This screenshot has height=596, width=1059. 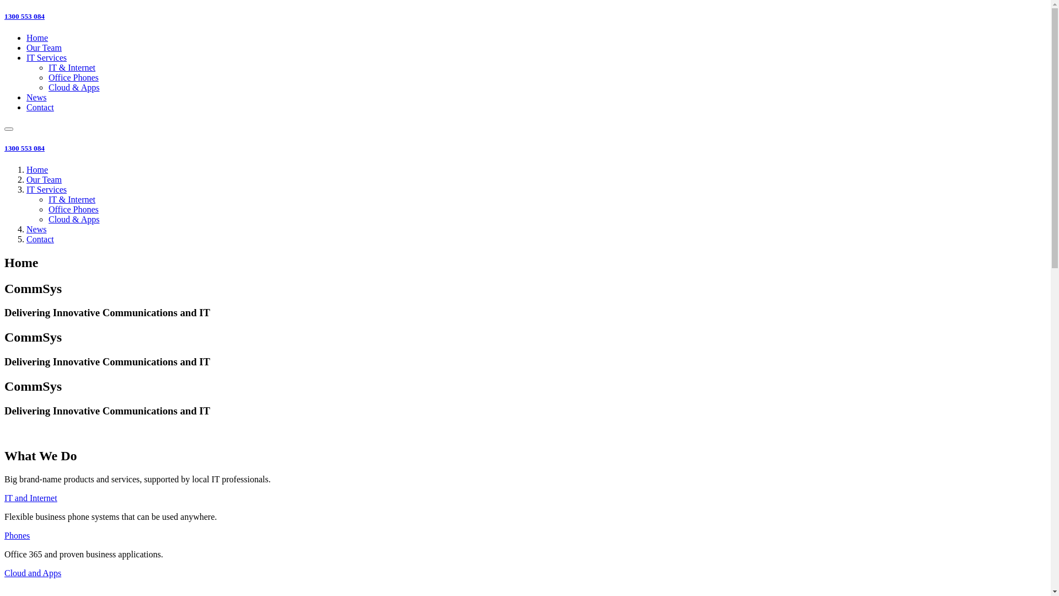 I want to click on 'Phones', so click(x=17, y=535).